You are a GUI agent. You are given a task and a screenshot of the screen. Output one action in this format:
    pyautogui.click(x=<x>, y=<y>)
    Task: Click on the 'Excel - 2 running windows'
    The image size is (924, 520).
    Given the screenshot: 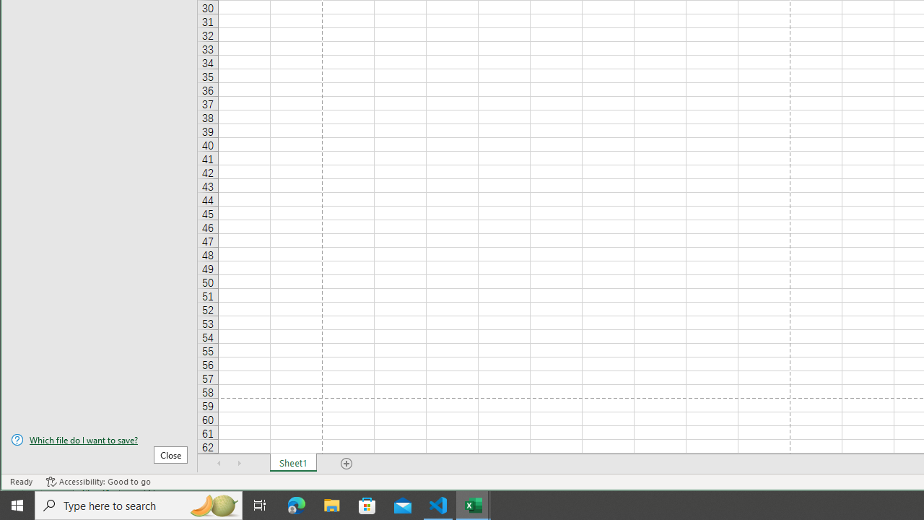 What is the action you would take?
    pyautogui.click(x=474, y=504)
    